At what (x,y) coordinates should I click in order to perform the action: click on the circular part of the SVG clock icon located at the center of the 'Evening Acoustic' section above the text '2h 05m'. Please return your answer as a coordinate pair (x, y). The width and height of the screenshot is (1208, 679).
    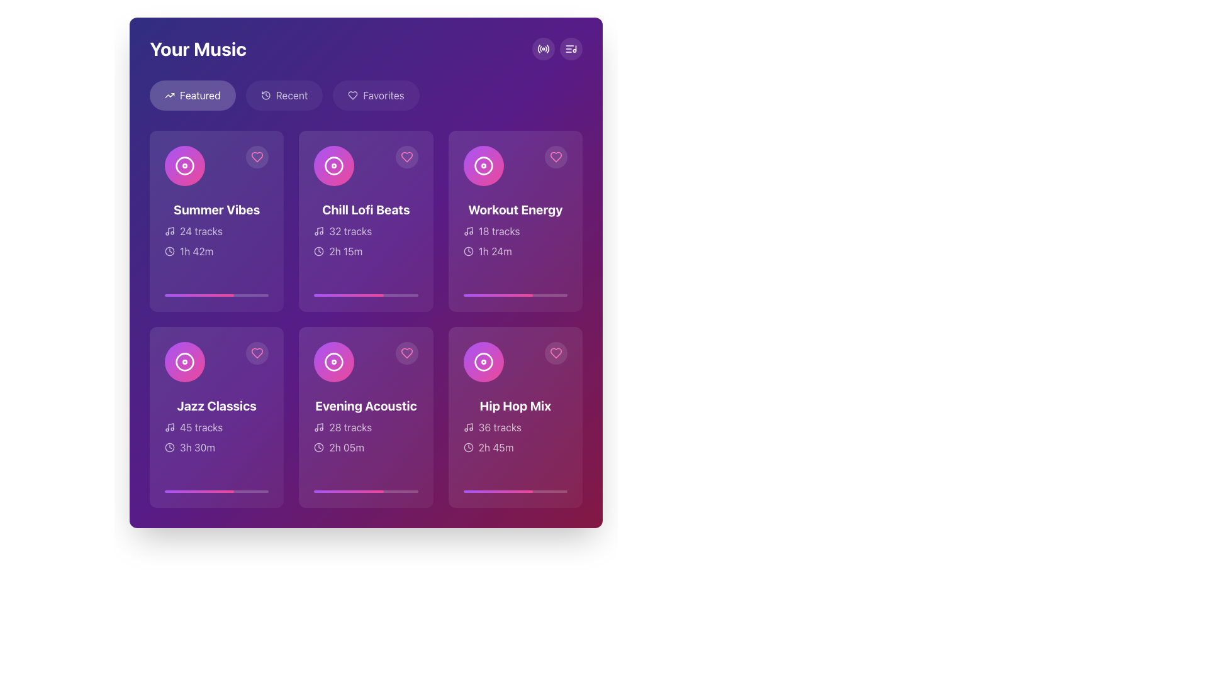
    Looking at the image, I should click on (319, 447).